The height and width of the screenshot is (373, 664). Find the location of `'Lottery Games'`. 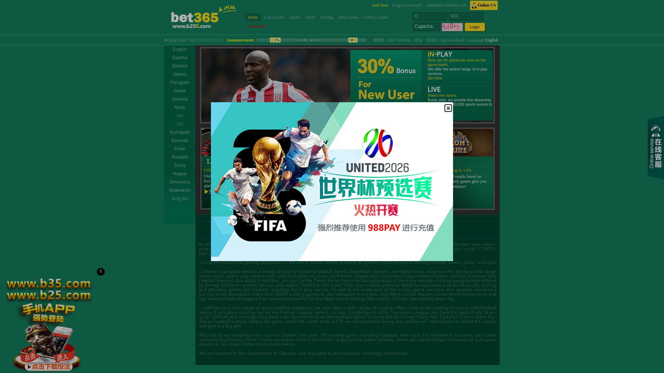

'Lottery Games' is located at coordinates (375, 17).